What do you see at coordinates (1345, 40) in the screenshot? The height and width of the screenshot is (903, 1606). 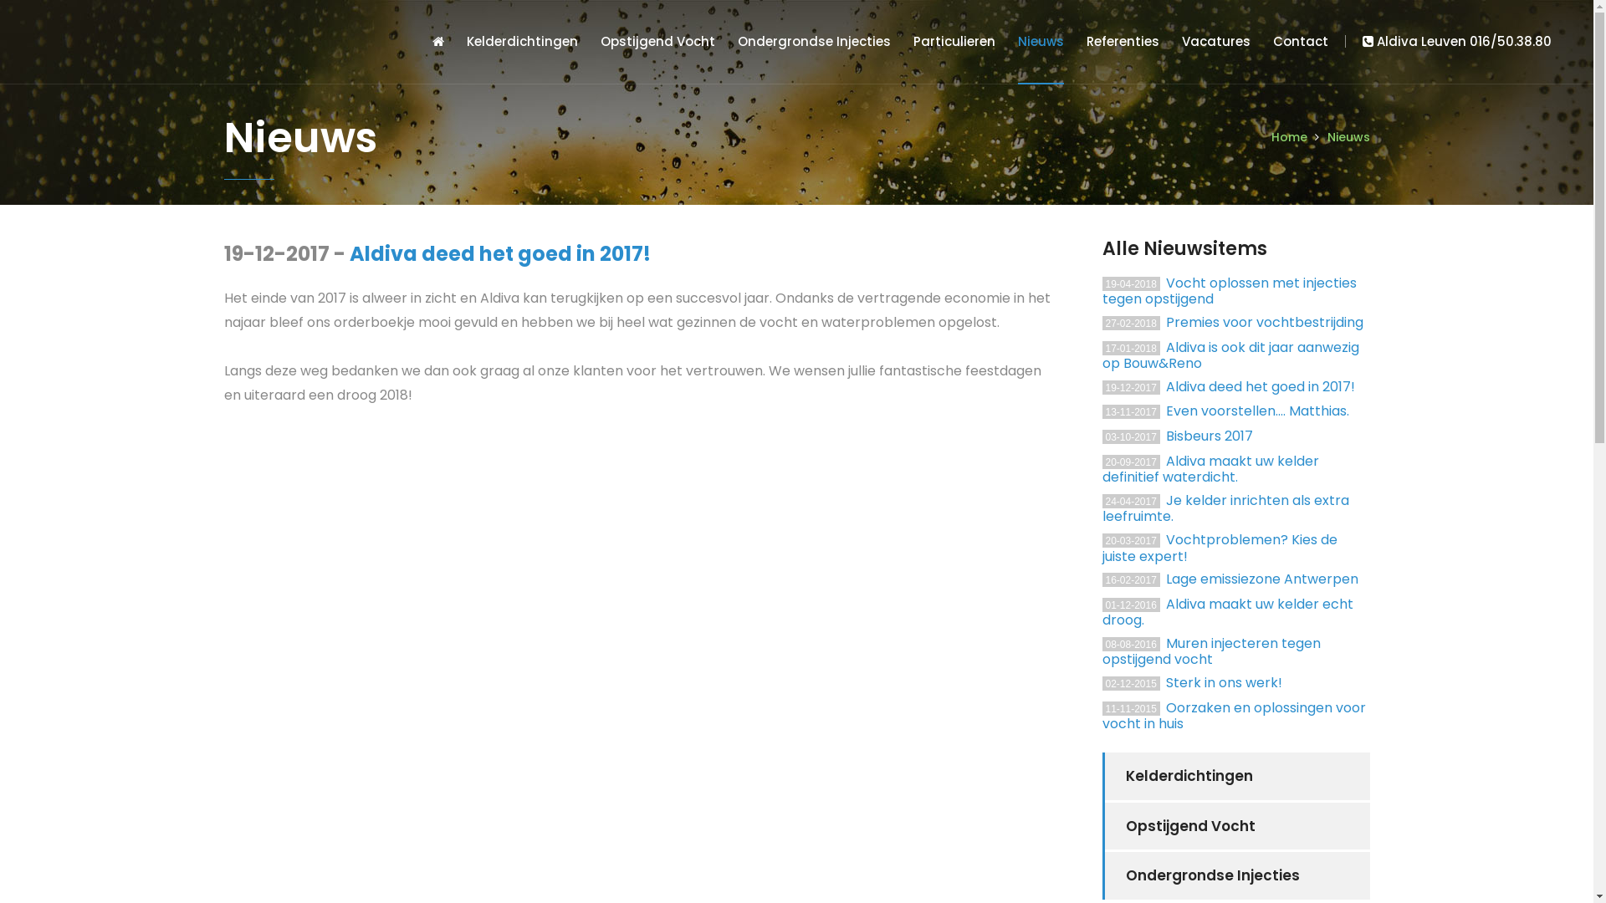 I see `'Aldiva Leuven 016/50.38.80'` at bounding box center [1345, 40].